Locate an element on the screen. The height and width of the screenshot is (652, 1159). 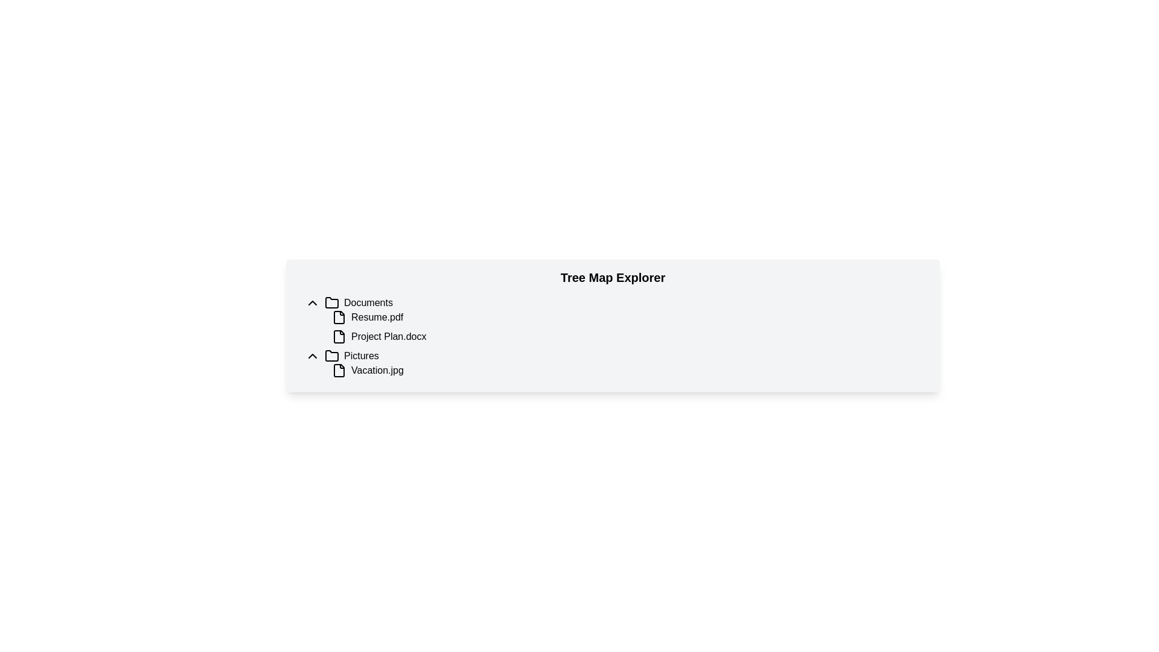
the rectangular icon resembling a document with a folded corner, located to the left of the filename 'Vacation.jpg' in the 'Pictures' directory of the 'Tree Map Explorer' interface is located at coordinates (338, 369).